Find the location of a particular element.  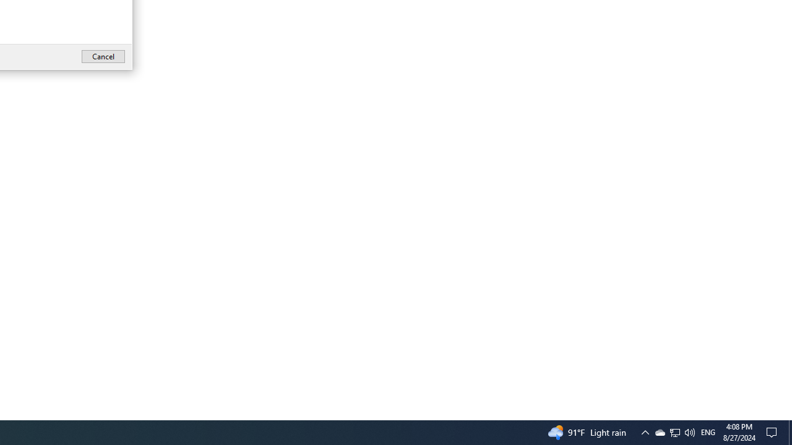

'Notification Chevron' is located at coordinates (644, 431).